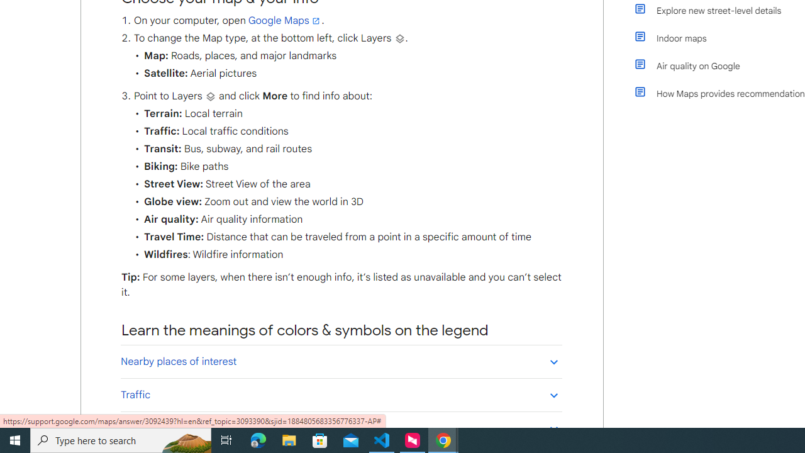 The height and width of the screenshot is (453, 805). What do you see at coordinates (210, 96) in the screenshot?
I see `'Layers'` at bounding box center [210, 96].